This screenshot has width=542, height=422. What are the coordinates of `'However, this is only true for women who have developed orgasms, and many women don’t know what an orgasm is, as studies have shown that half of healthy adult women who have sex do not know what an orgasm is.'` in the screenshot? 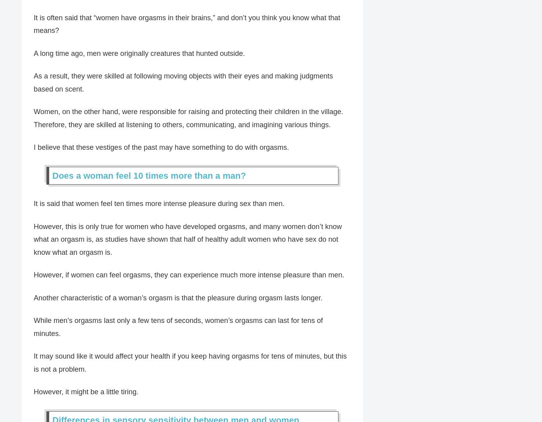 It's located at (188, 239).